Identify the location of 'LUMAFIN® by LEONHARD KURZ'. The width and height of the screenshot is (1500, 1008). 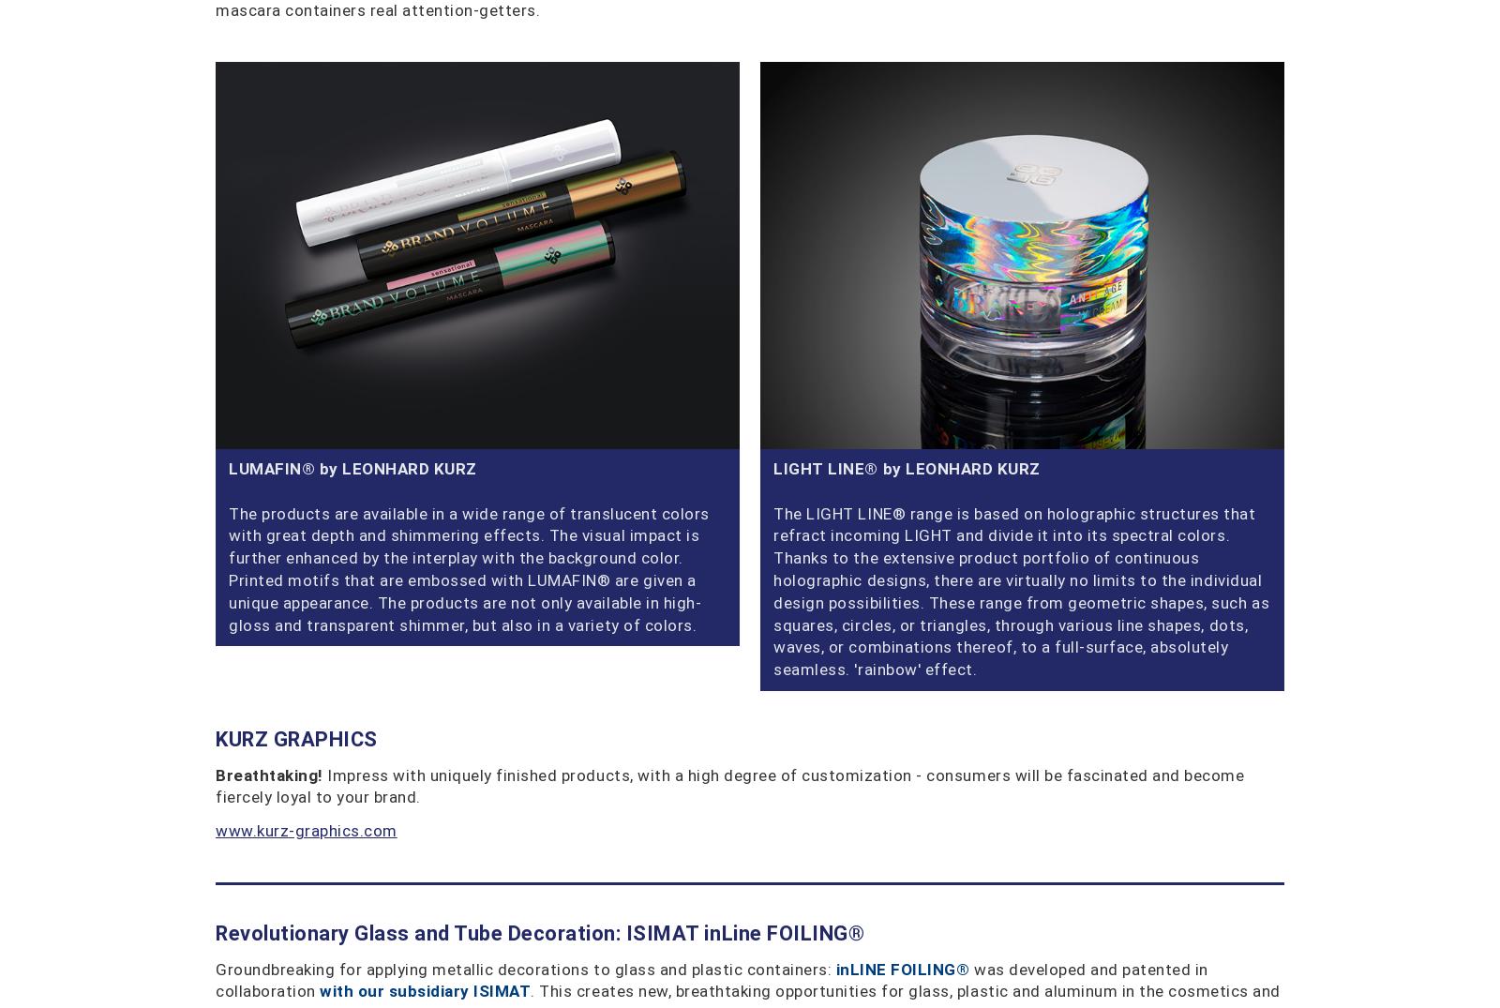
(352, 467).